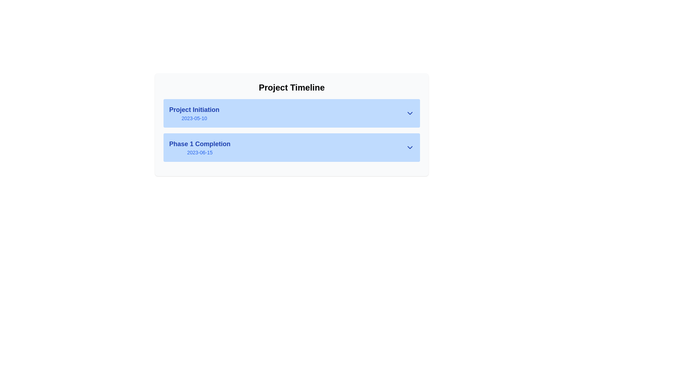  I want to click on the 'Phase 1 Completion' Information Display Section, so click(292, 147).